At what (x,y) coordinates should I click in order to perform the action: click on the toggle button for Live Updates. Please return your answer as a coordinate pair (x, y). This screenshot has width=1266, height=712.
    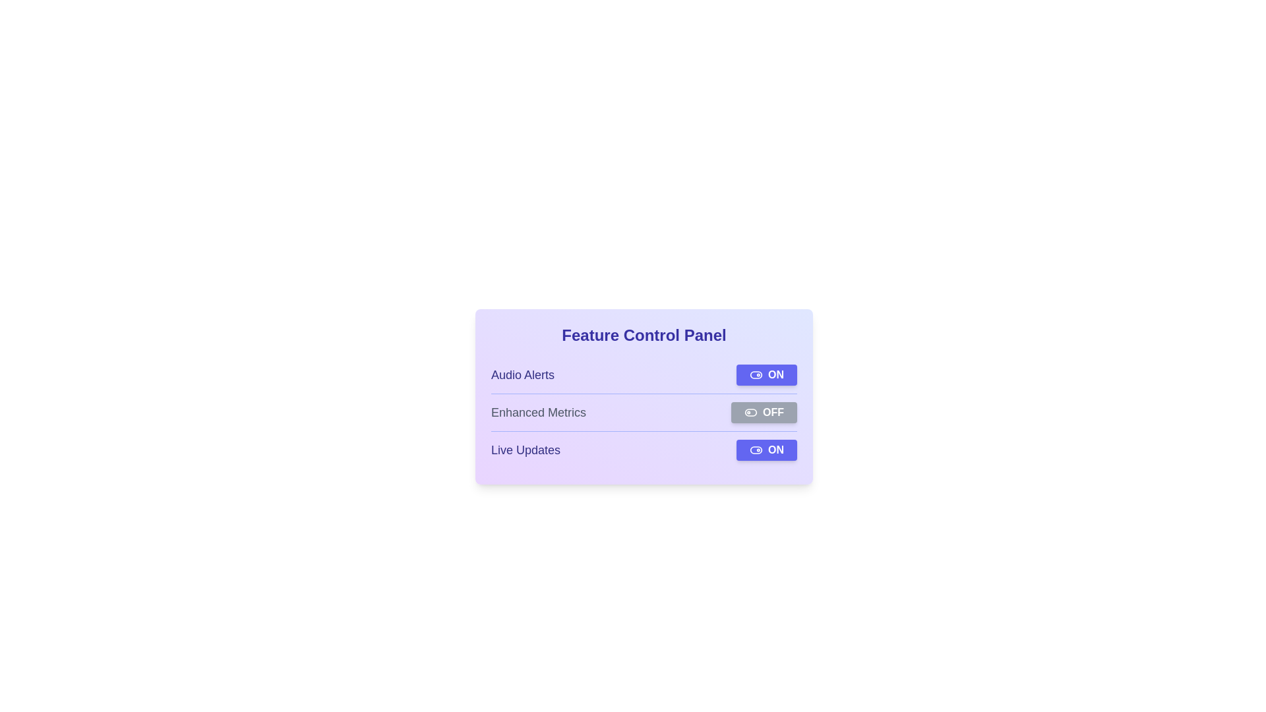
    Looking at the image, I should click on (766, 449).